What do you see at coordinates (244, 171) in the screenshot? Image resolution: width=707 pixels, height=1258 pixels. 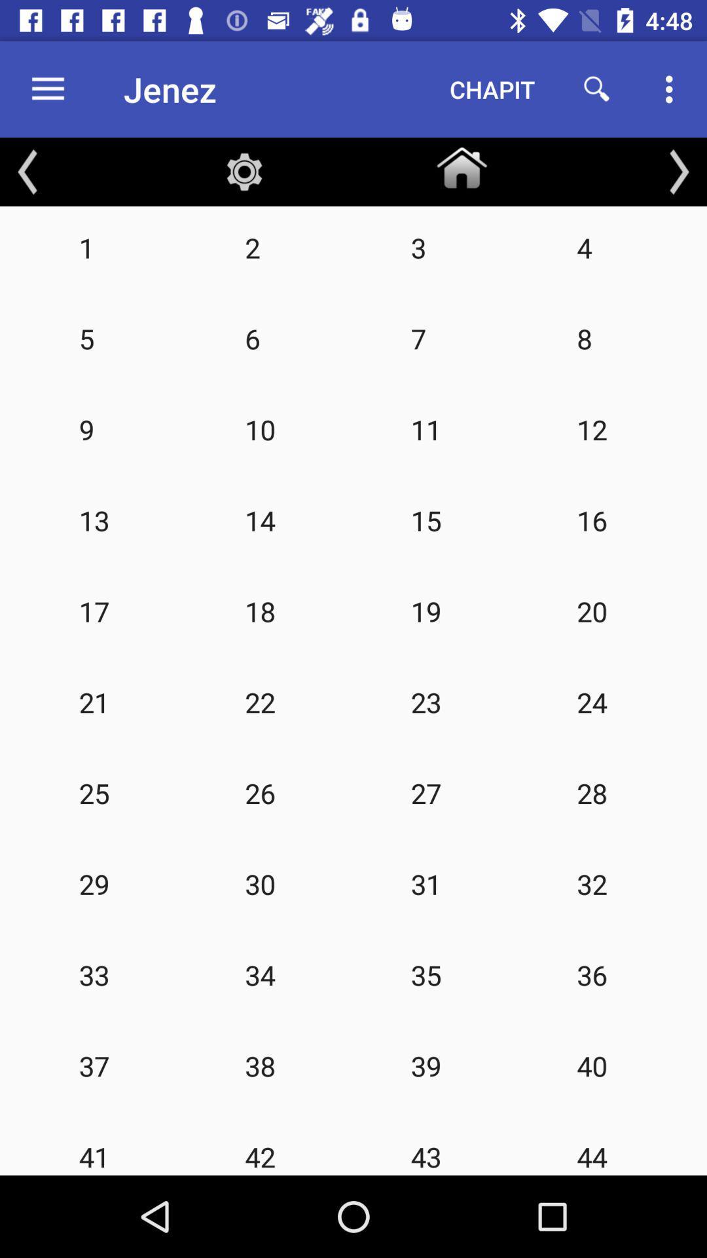 I see `the settings icon` at bounding box center [244, 171].